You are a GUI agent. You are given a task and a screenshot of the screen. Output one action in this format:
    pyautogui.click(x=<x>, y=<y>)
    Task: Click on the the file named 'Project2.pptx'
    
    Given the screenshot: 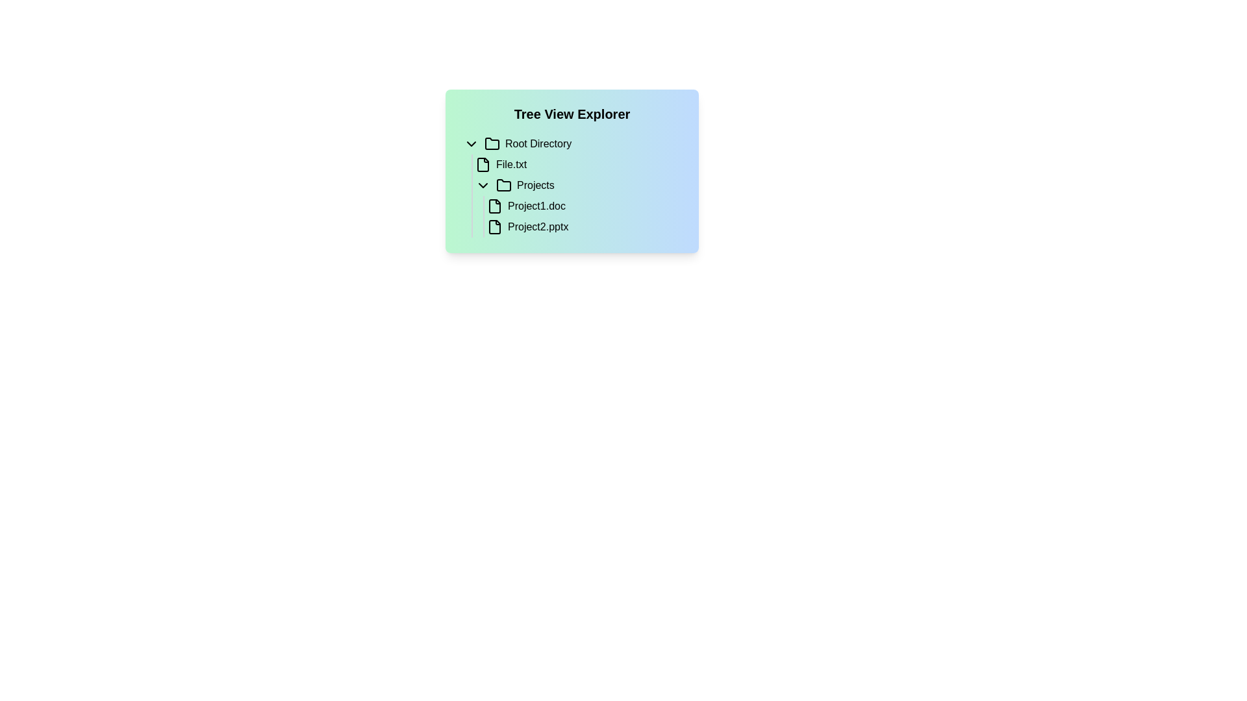 What is the action you would take?
    pyautogui.click(x=583, y=227)
    